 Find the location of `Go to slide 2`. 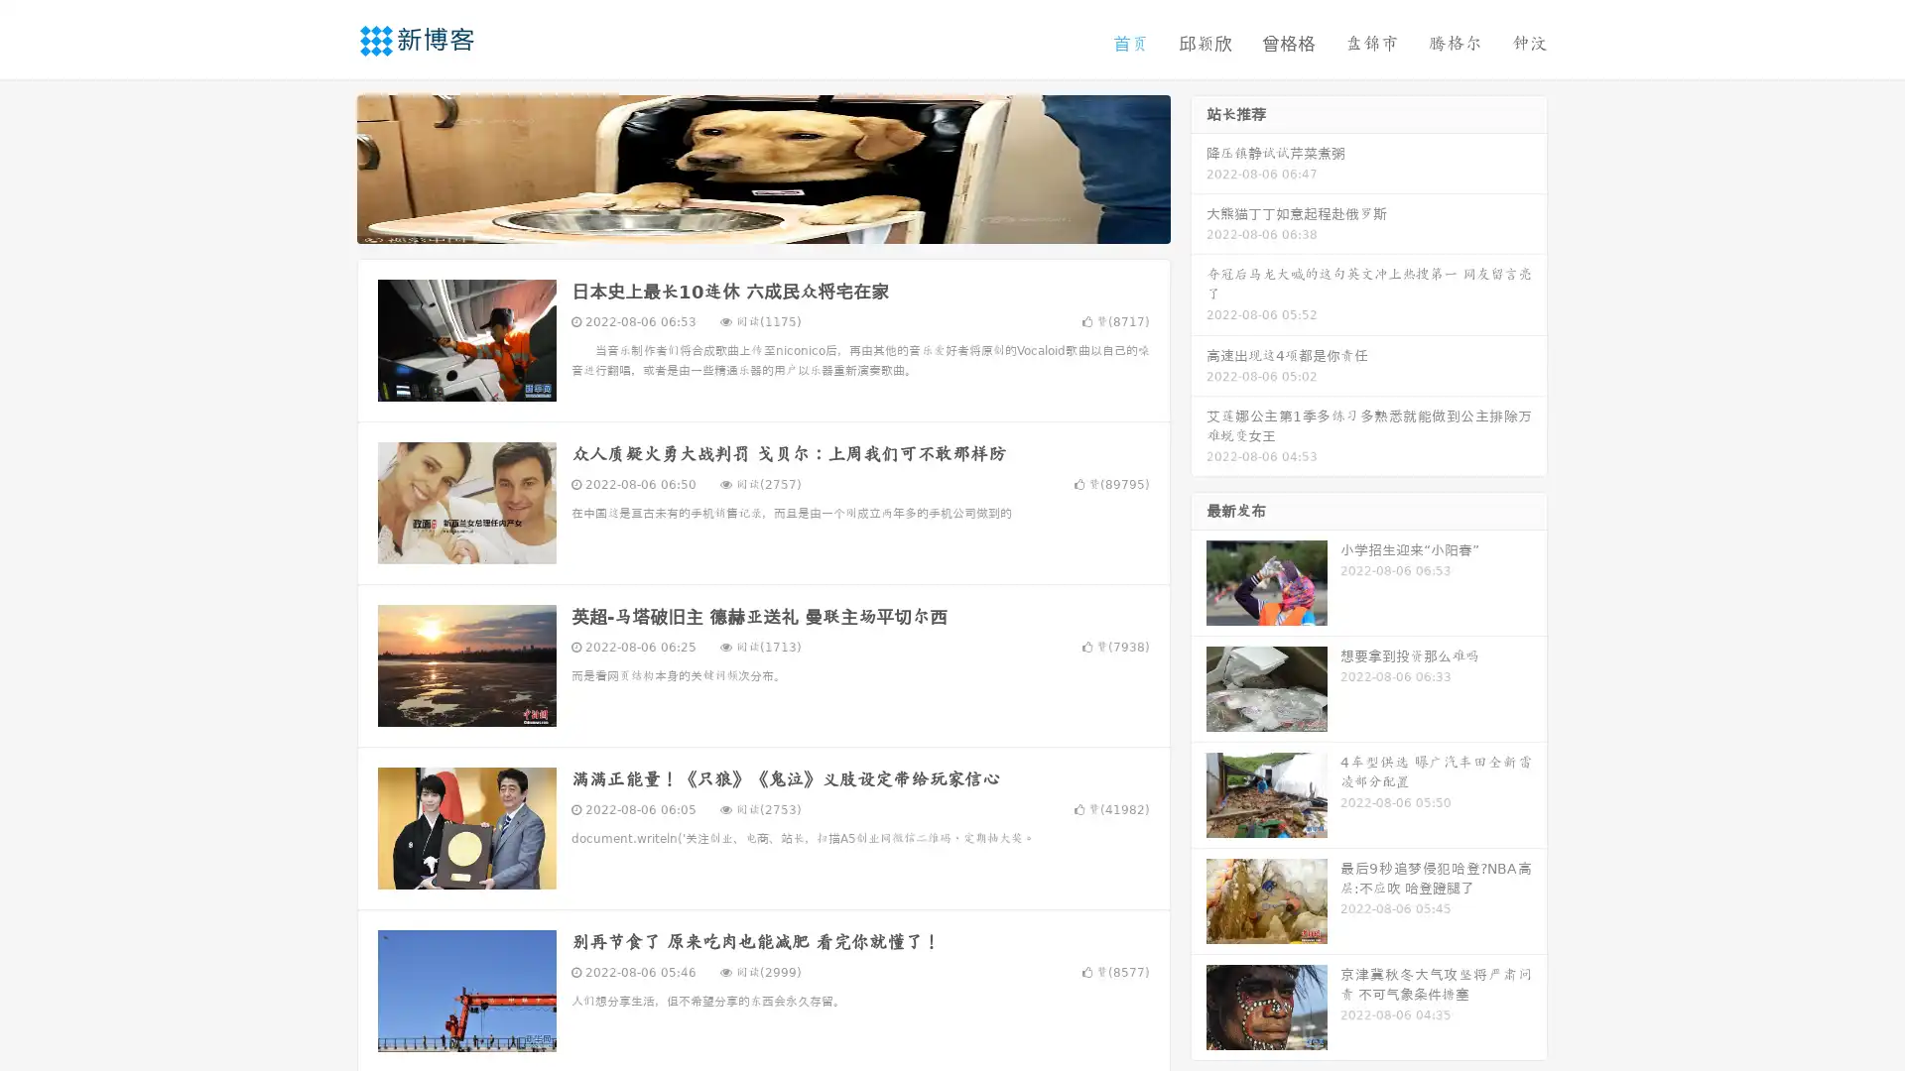

Go to slide 2 is located at coordinates (762, 223).